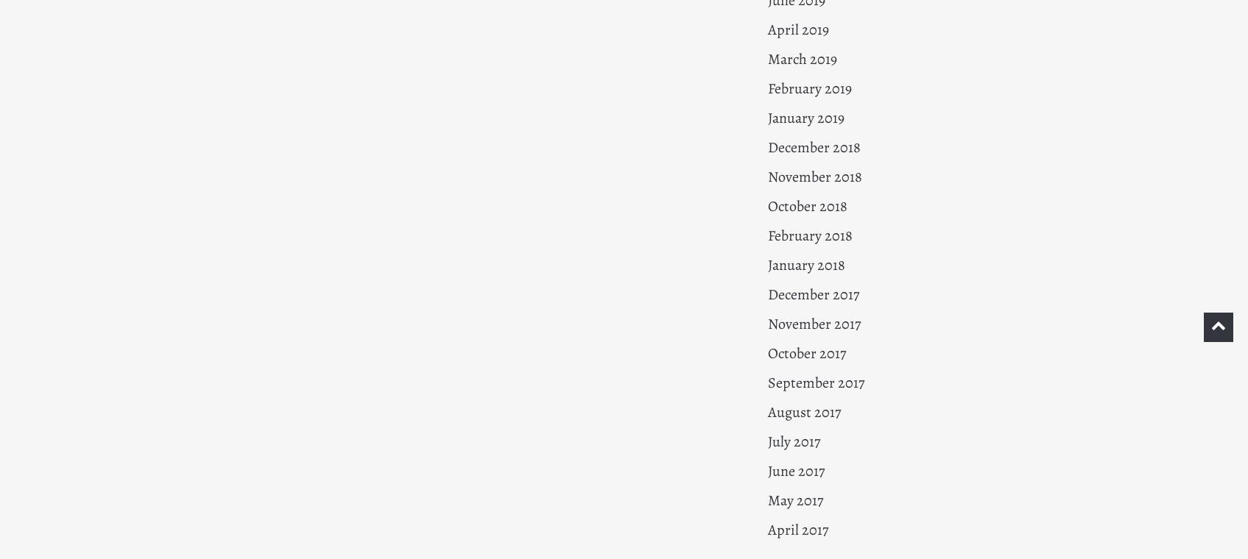  Describe the element at coordinates (812, 293) in the screenshot. I see `'December 2017'` at that location.